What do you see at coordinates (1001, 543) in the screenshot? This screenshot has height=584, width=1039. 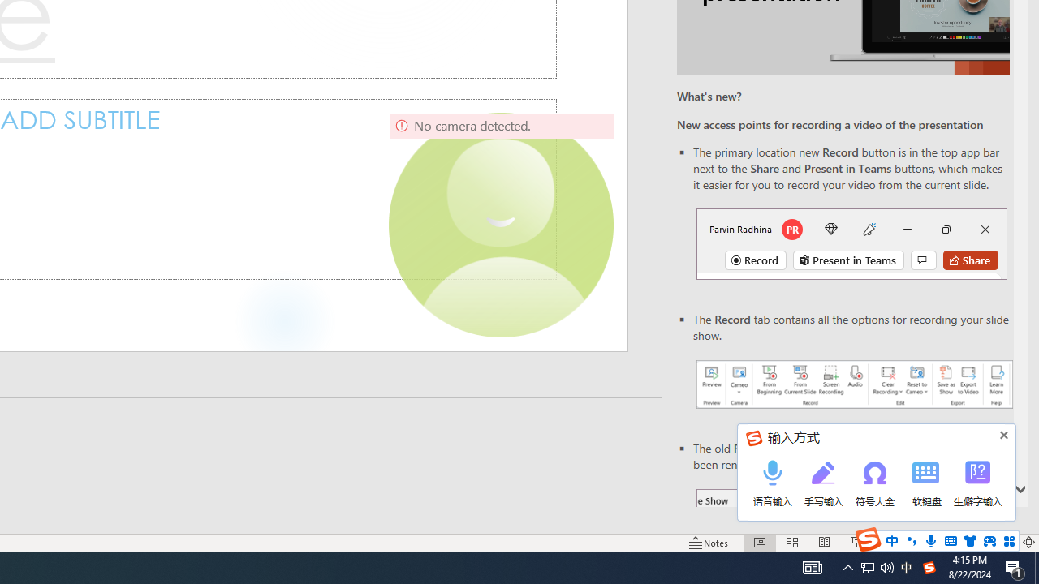 I see `'Zoom 131%'` at bounding box center [1001, 543].